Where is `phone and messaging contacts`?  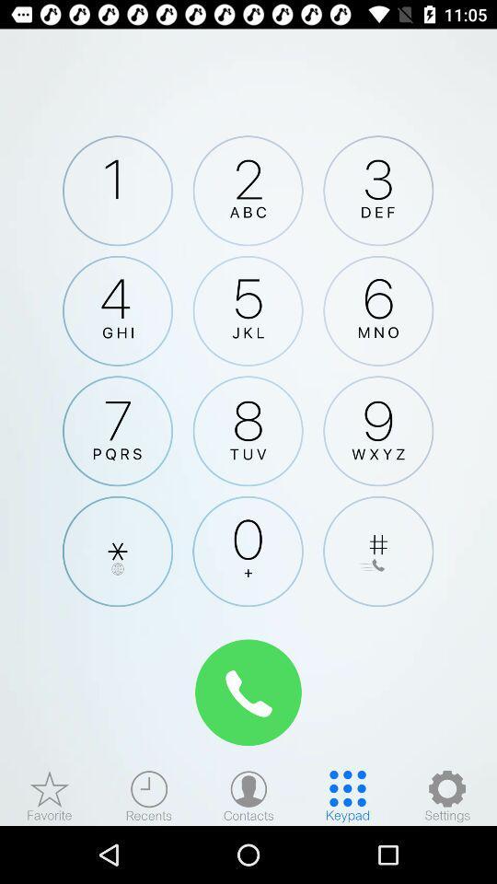 phone and messaging contacts is located at coordinates (248, 795).